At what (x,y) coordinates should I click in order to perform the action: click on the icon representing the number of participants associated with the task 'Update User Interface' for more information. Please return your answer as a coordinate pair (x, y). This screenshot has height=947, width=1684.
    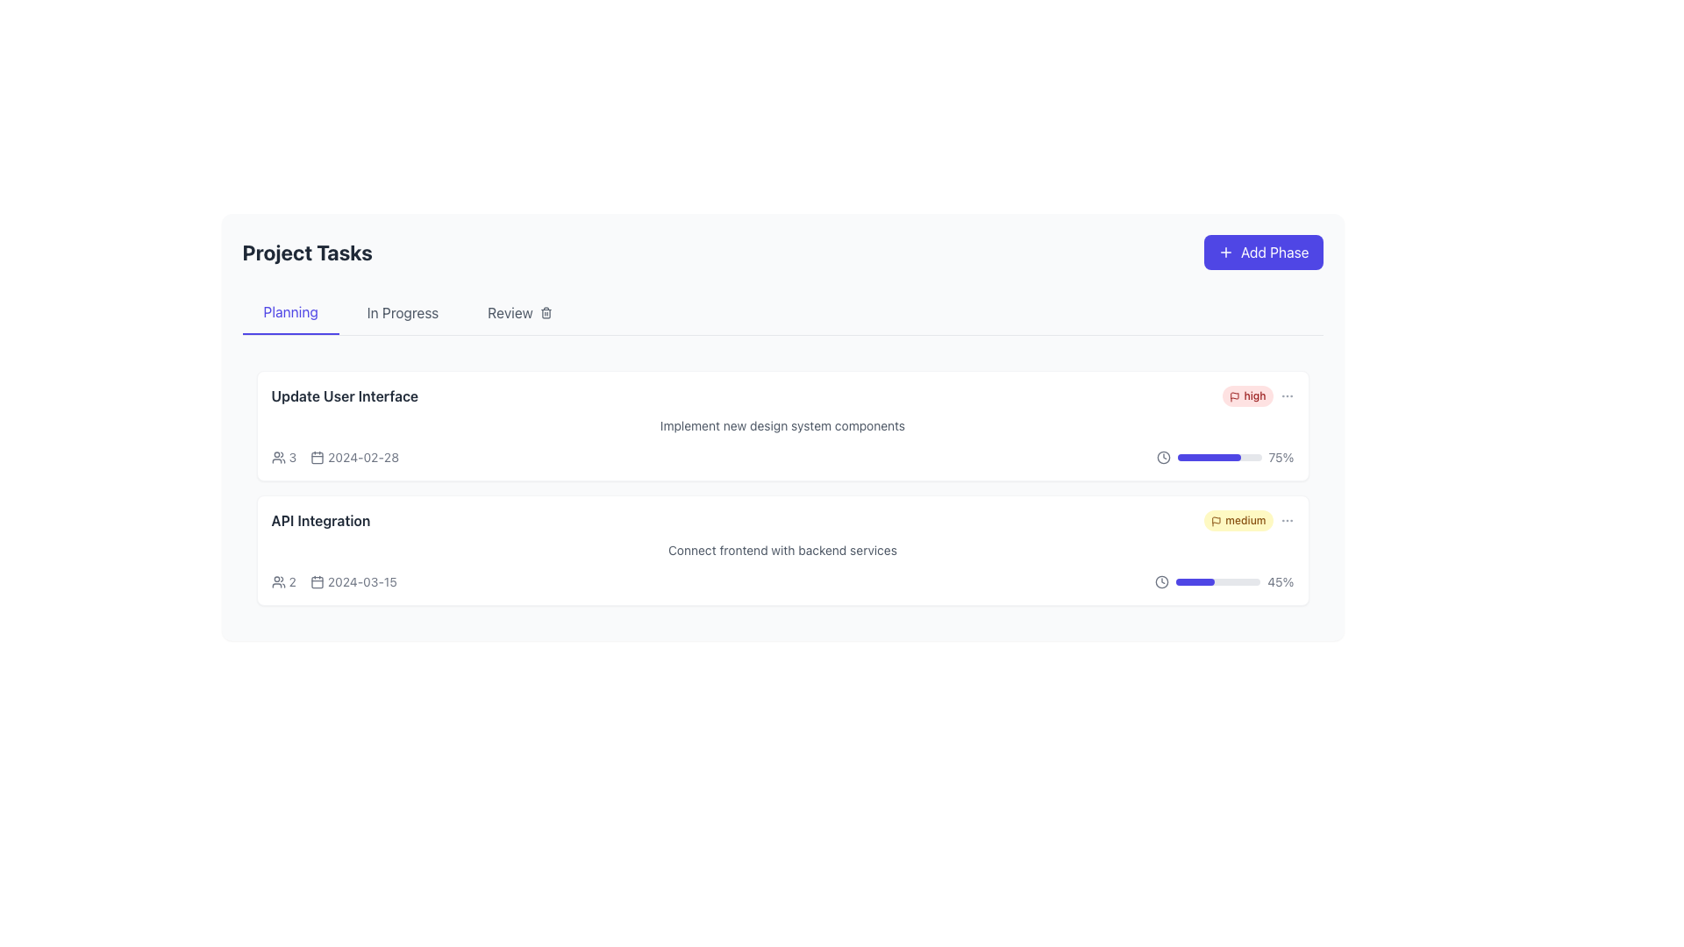
    Looking at the image, I should click on (283, 456).